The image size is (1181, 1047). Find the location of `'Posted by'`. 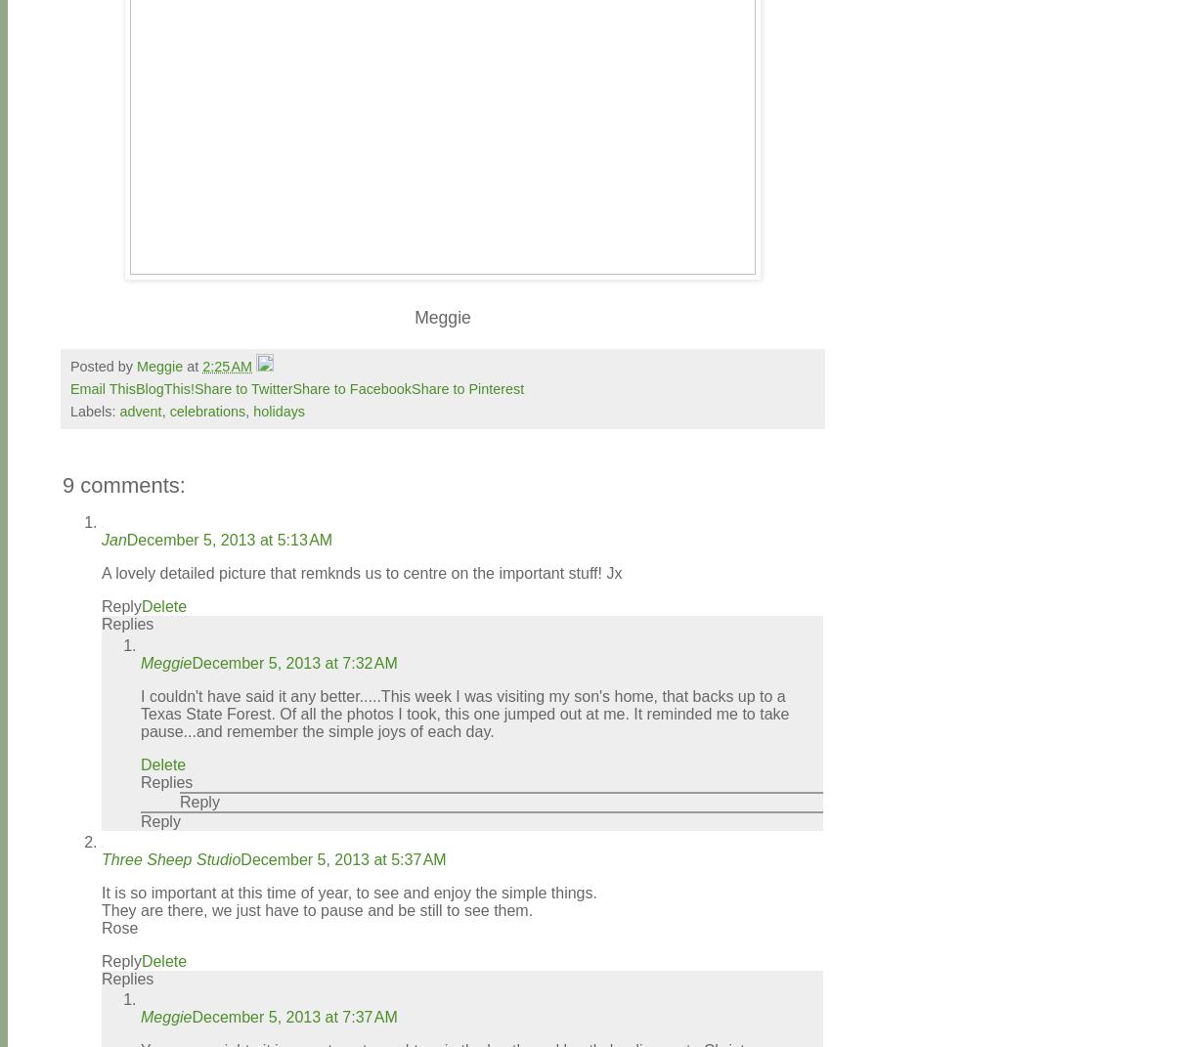

'Posted by' is located at coordinates (102, 365).